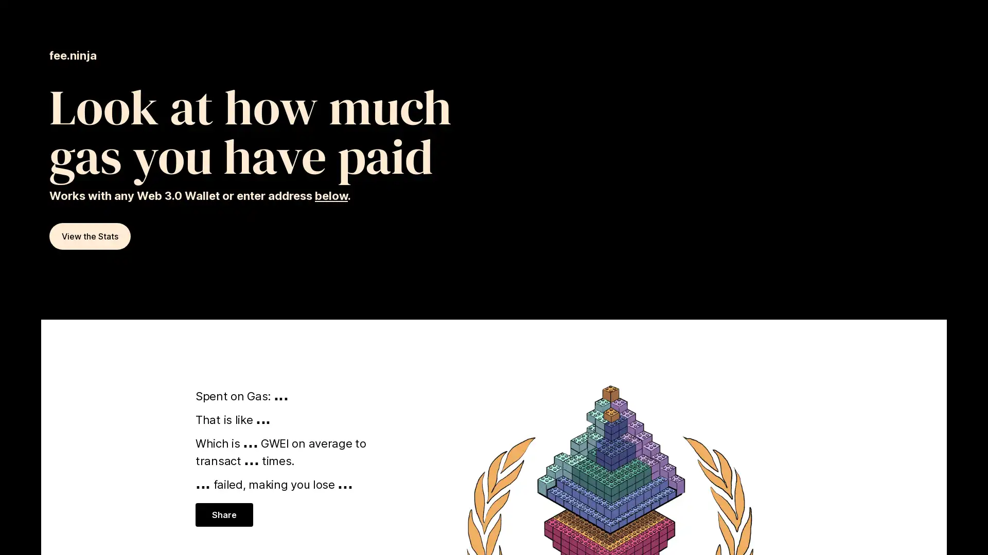  Describe the element at coordinates (223, 515) in the screenshot. I see `Share` at that location.